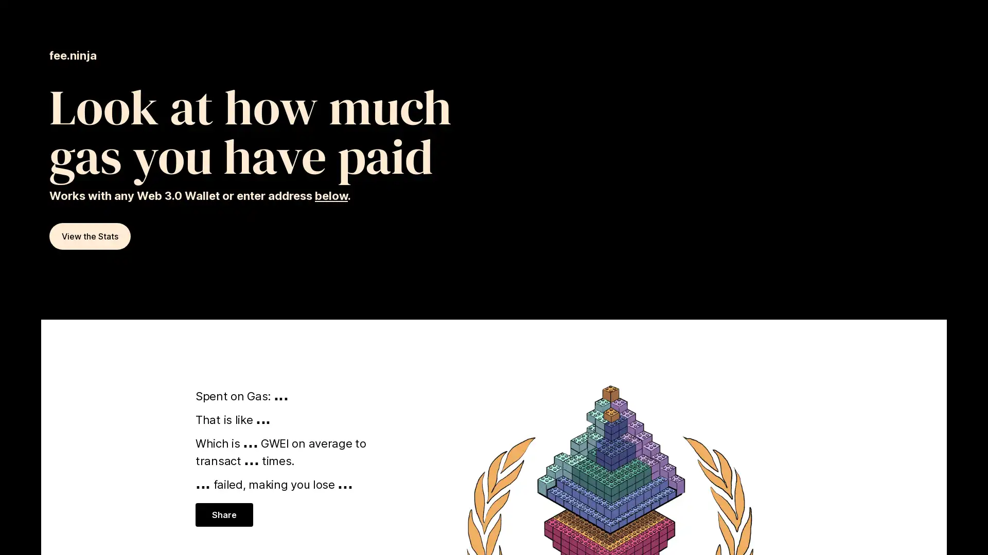  Describe the element at coordinates (223, 515) in the screenshot. I see `Share` at that location.